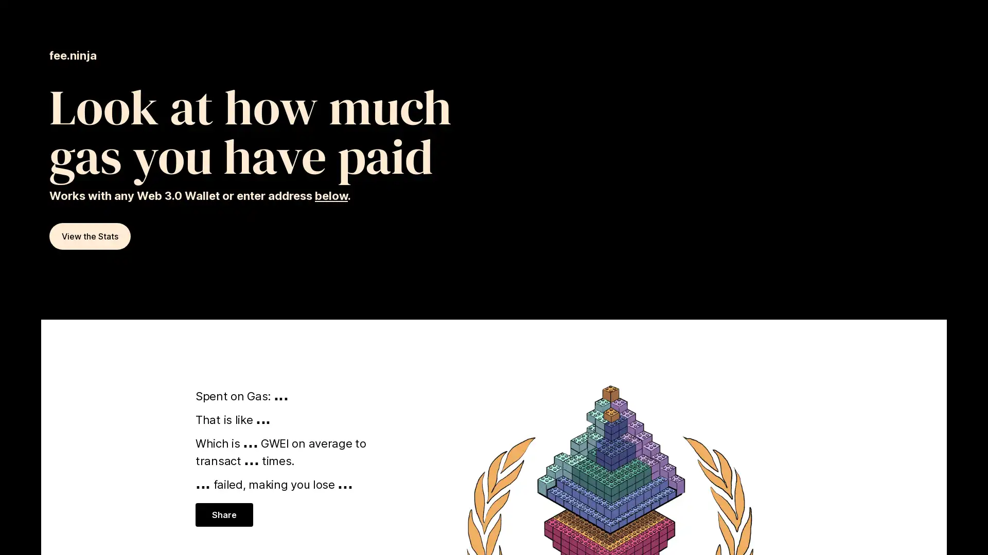  Describe the element at coordinates (223, 515) in the screenshot. I see `Share` at that location.